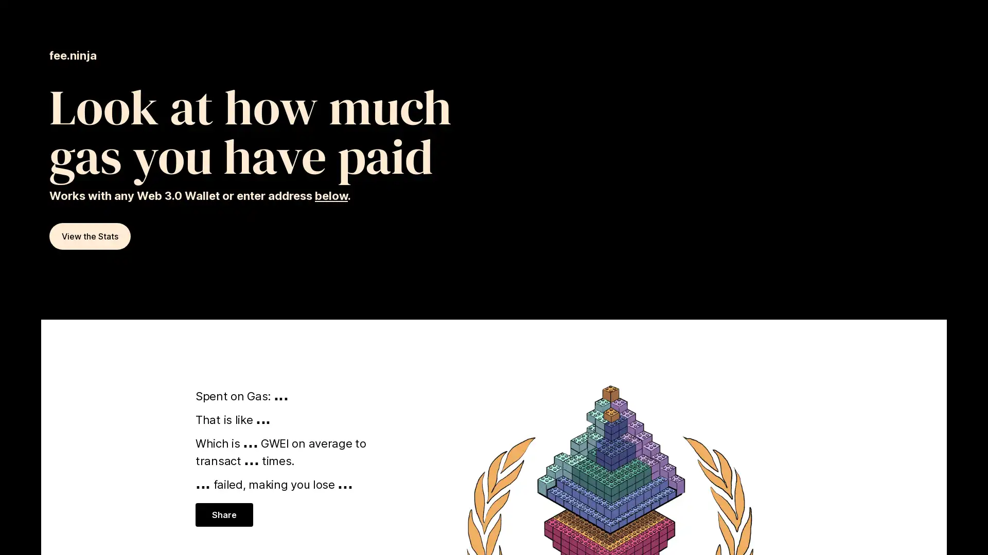  Describe the element at coordinates (223, 515) in the screenshot. I see `Share` at that location.